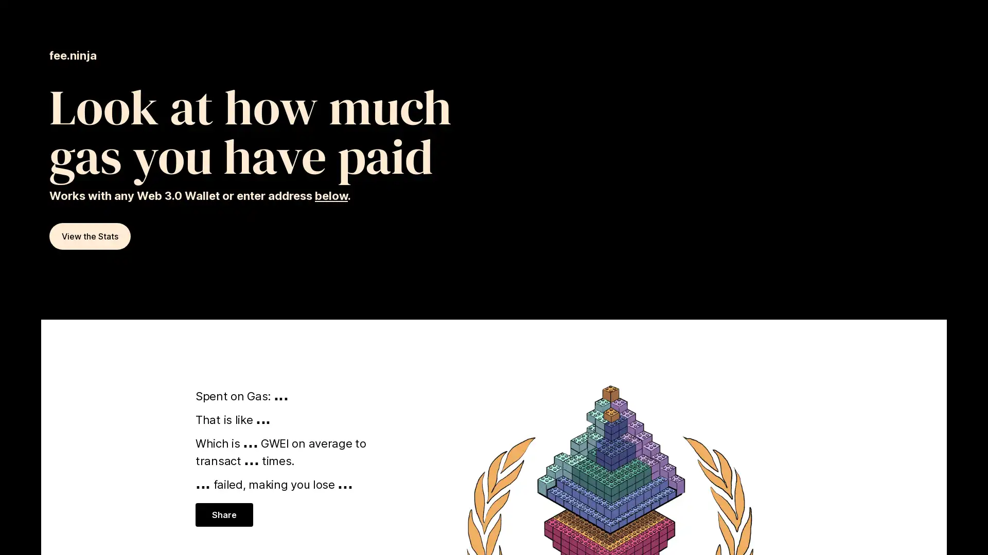  Describe the element at coordinates (223, 515) in the screenshot. I see `Share` at that location.